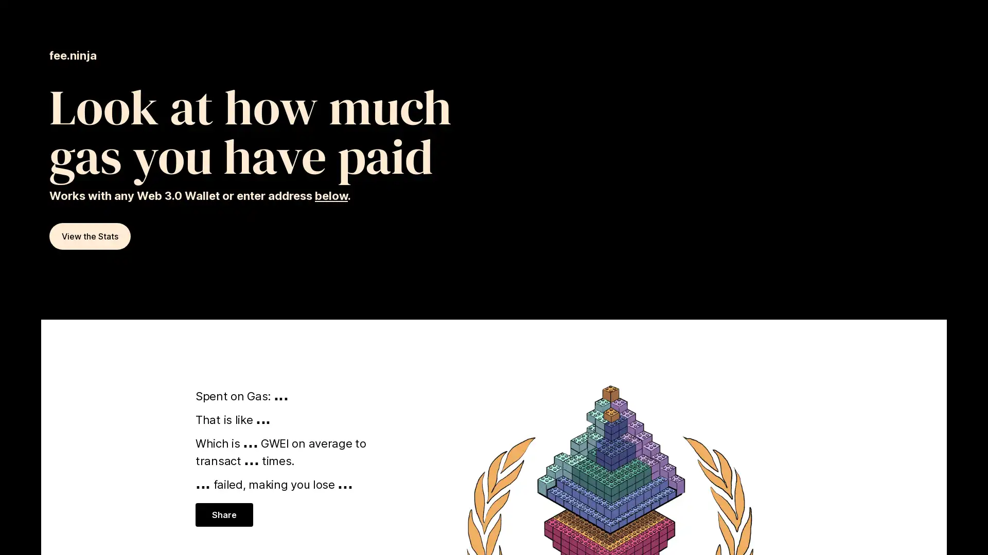  Describe the element at coordinates (223, 515) in the screenshot. I see `Share` at that location.